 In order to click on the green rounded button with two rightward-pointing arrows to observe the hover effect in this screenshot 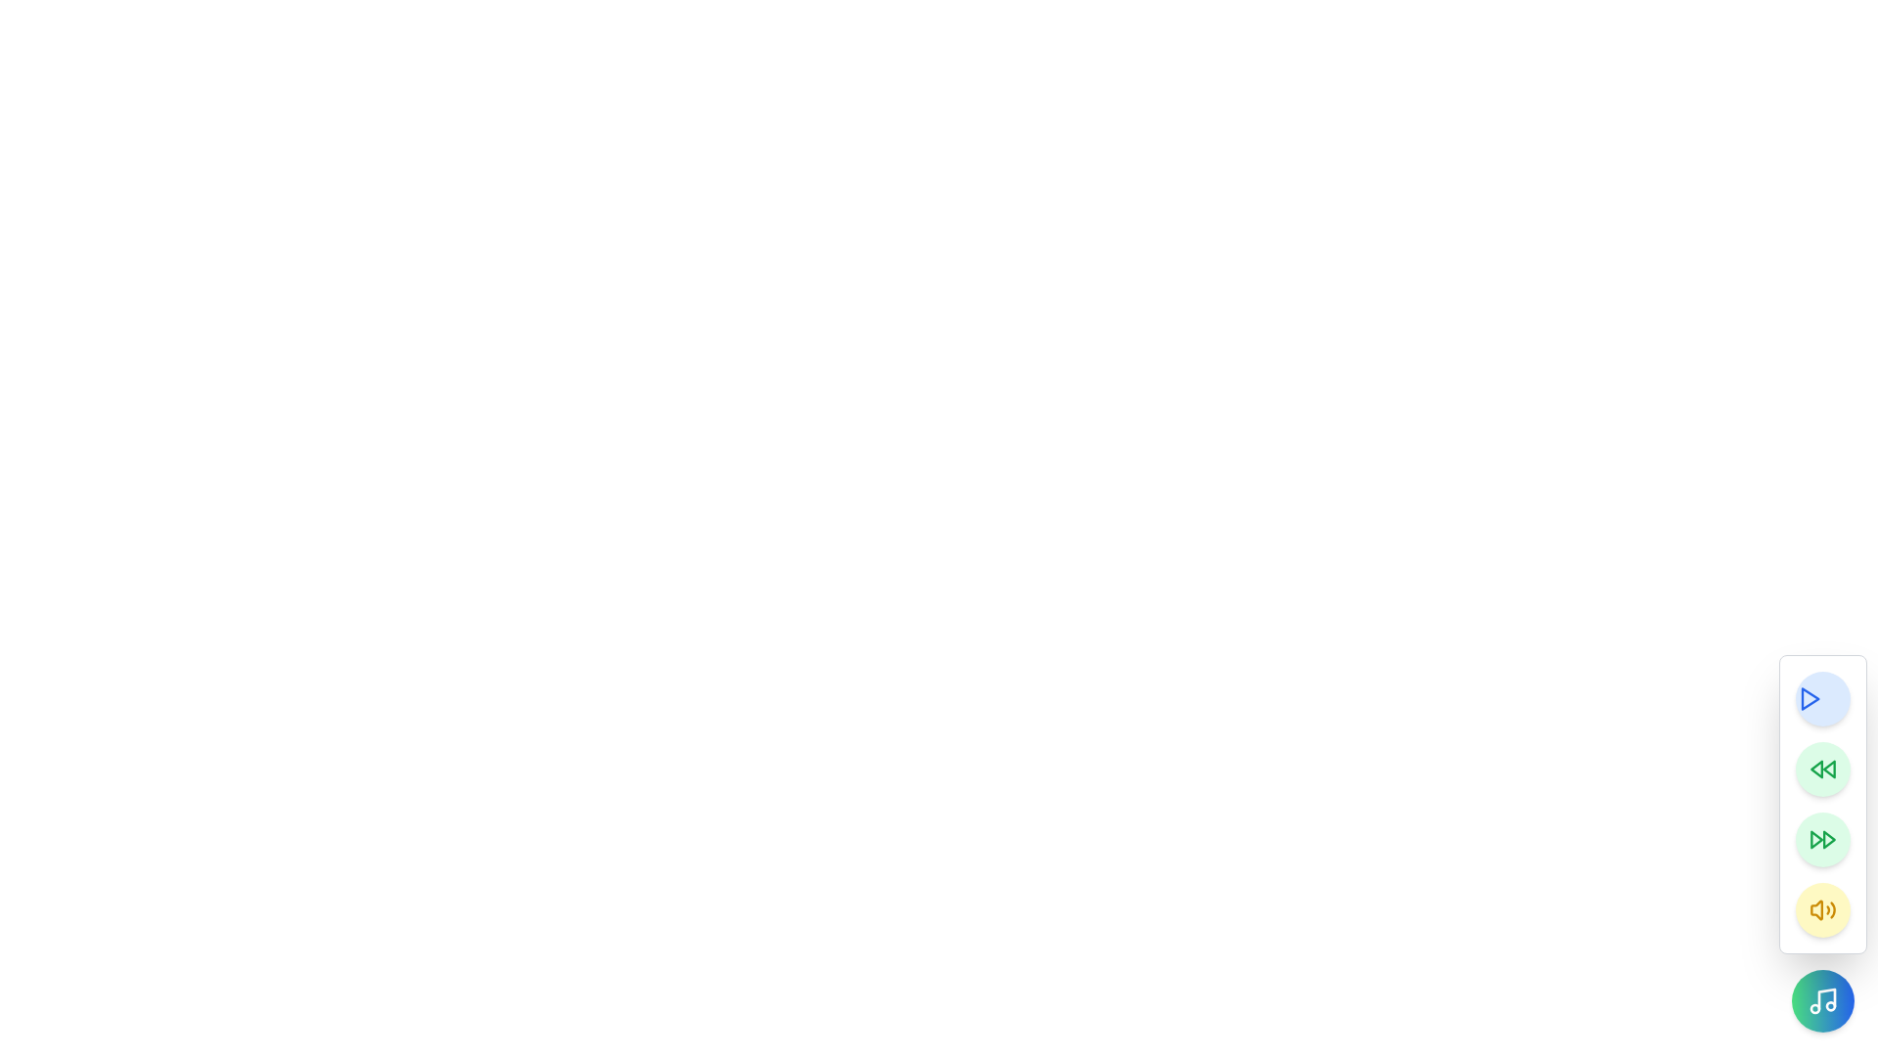, I will do `click(1821, 804)`.